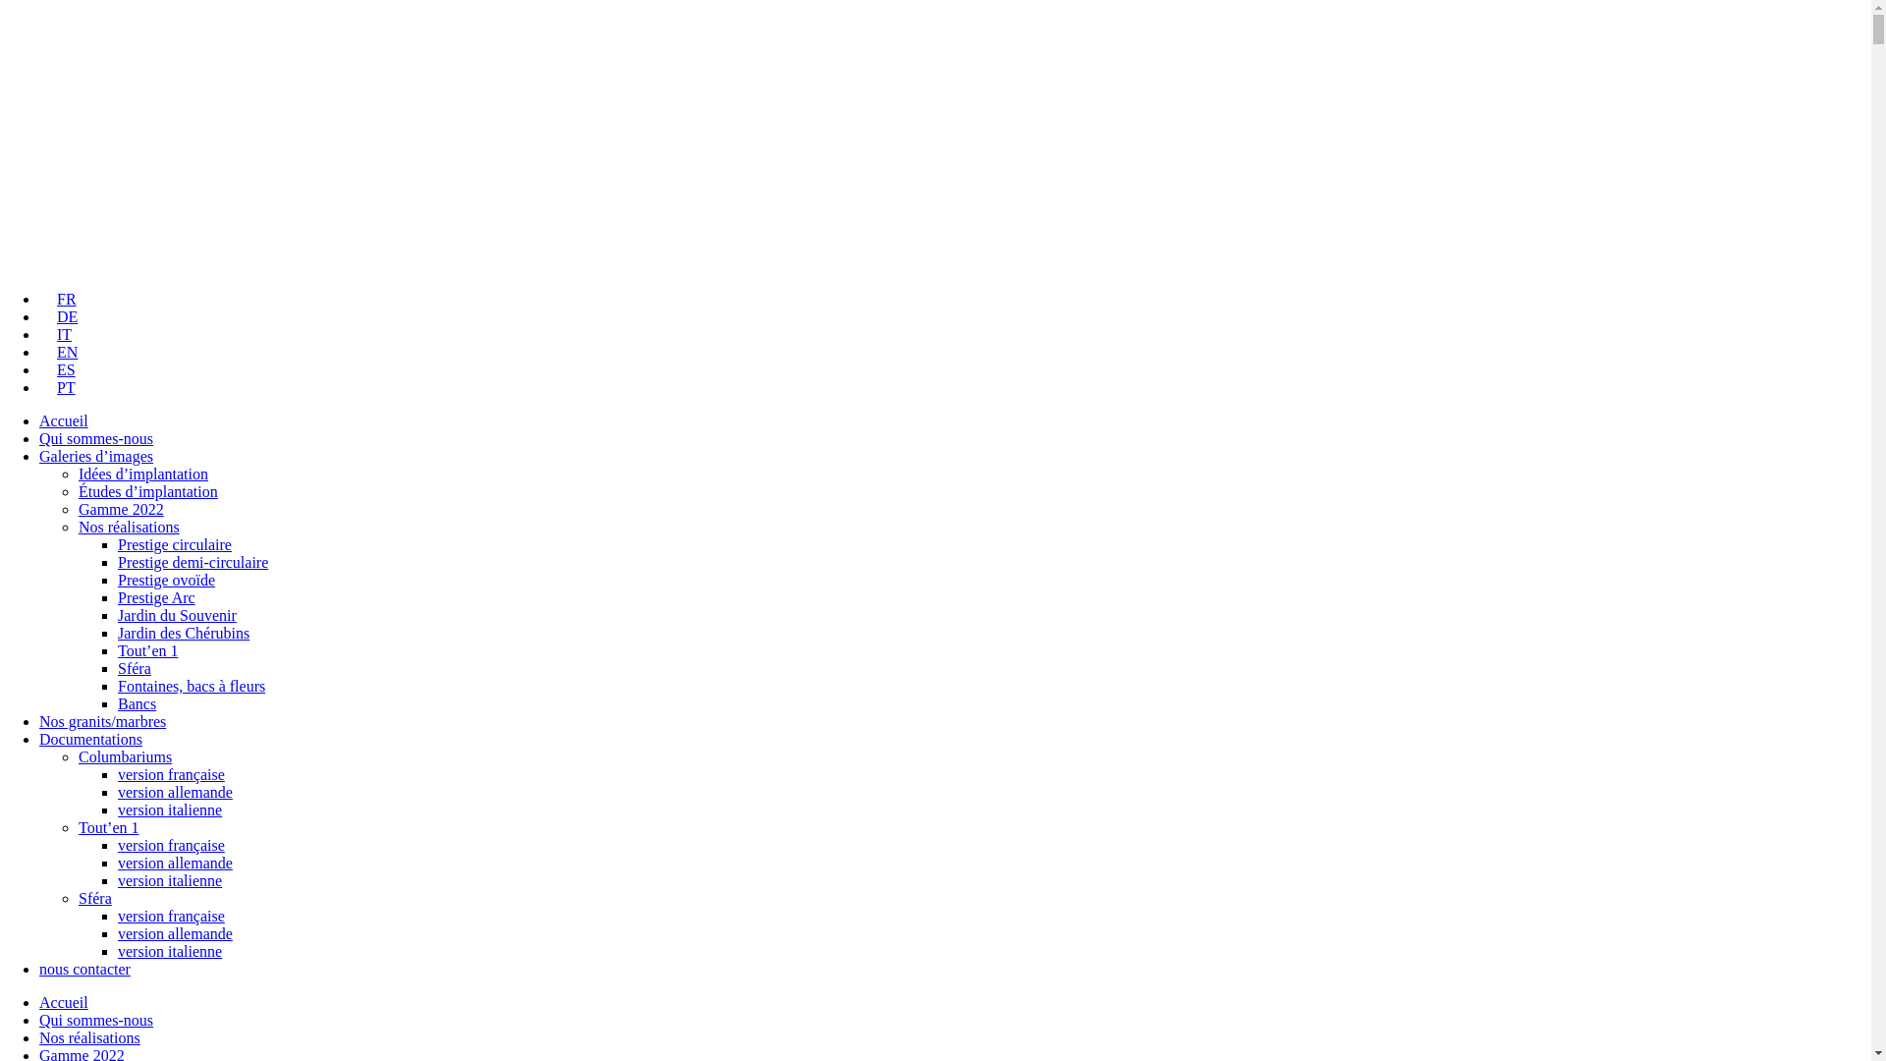 This screenshot has height=1061, width=1886. Describe the element at coordinates (38, 739) in the screenshot. I see `'Documentations'` at that location.